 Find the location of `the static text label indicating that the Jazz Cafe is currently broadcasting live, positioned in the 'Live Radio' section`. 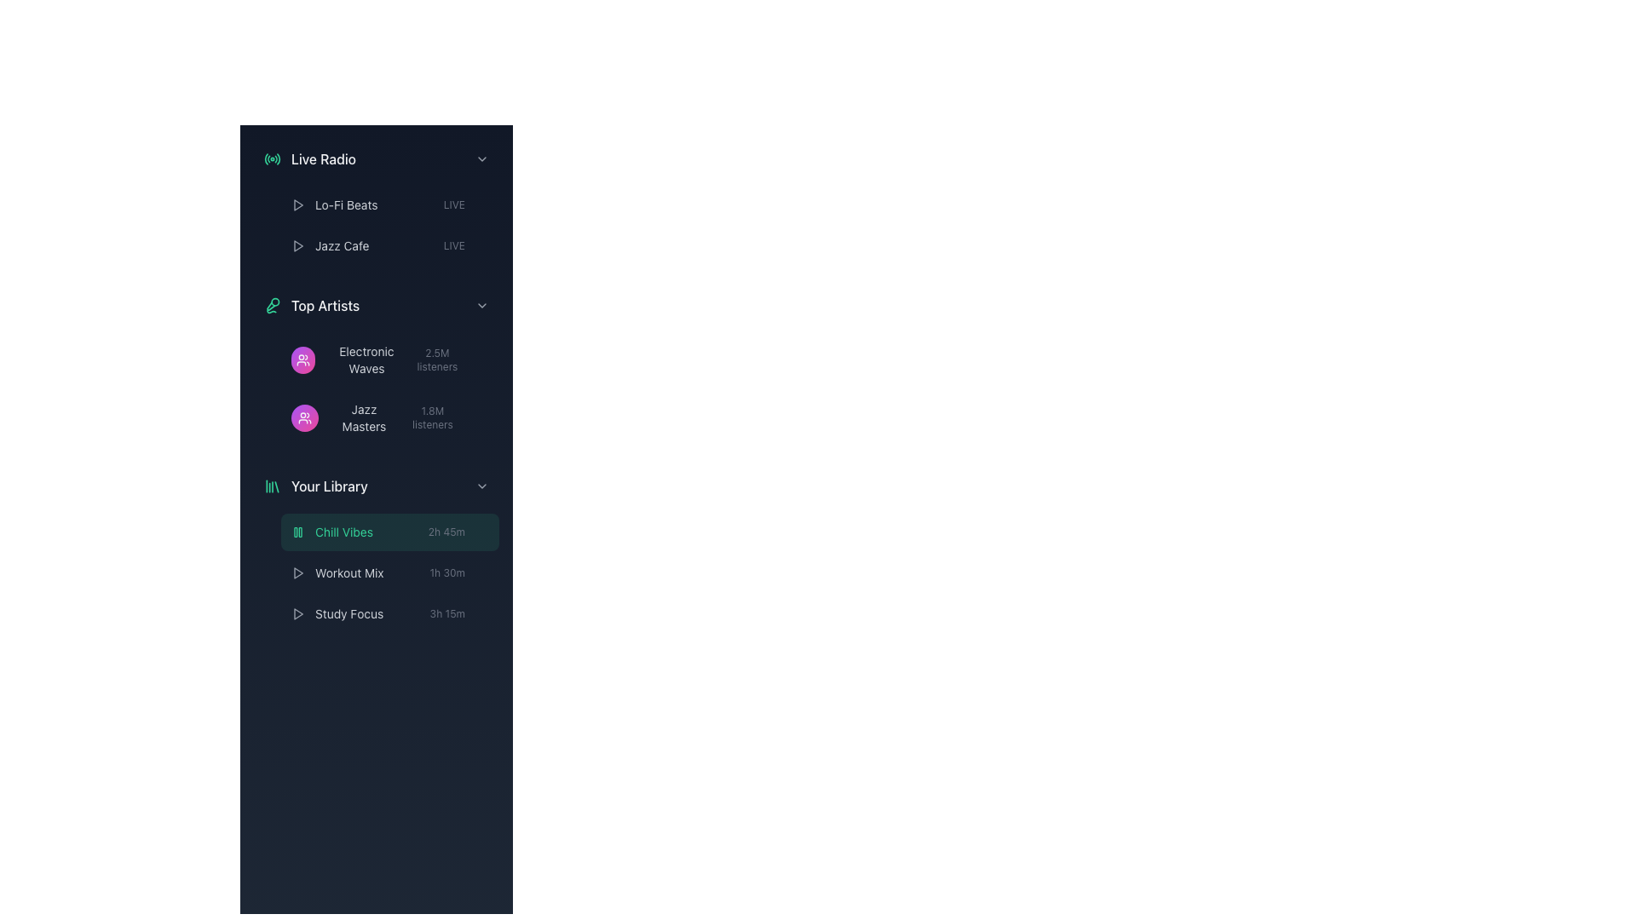

the static text label indicating that the Jazz Cafe is currently broadcasting live, positioned in the 'Live Radio' section is located at coordinates (454, 246).